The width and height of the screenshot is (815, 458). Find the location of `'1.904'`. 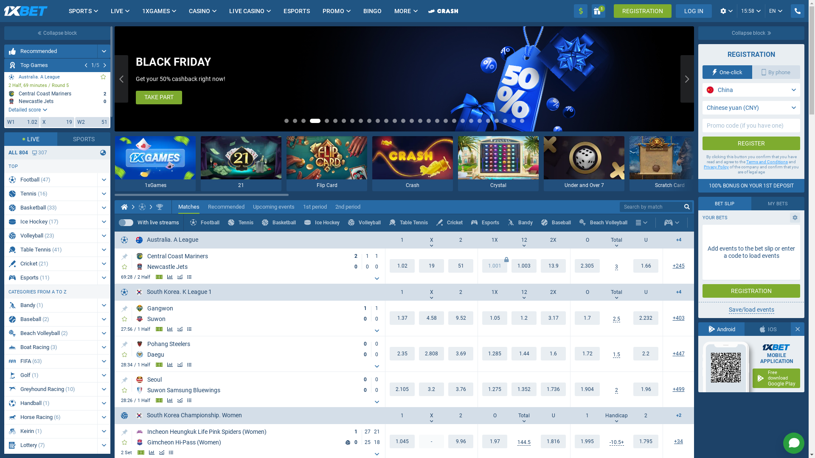

'1.904' is located at coordinates (587, 389).